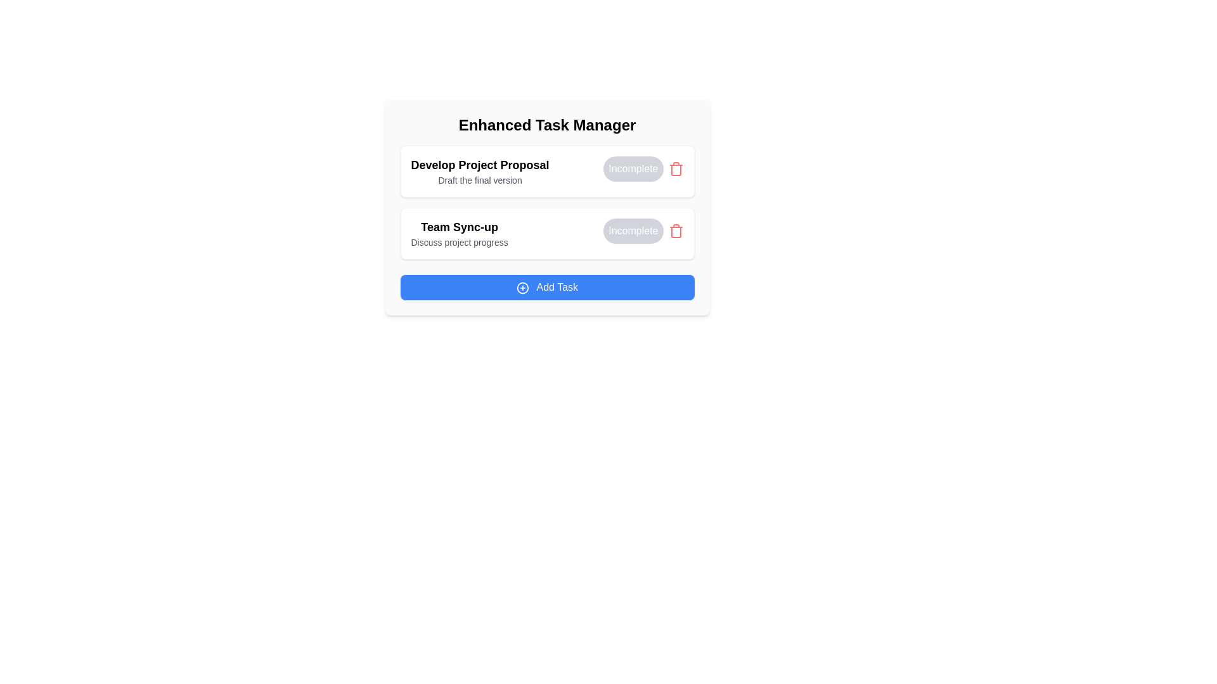 The image size is (1217, 684). What do you see at coordinates (479, 165) in the screenshot?
I see `the Text Label element that serves as the title for the first task in the Enhanced Task Manager interface, located above the descriptive text 'Draft the final version'` at bounding box center [479, 165].